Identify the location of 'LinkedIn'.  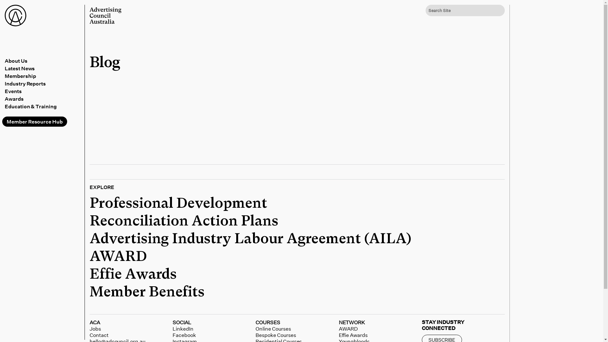
(182, 328).